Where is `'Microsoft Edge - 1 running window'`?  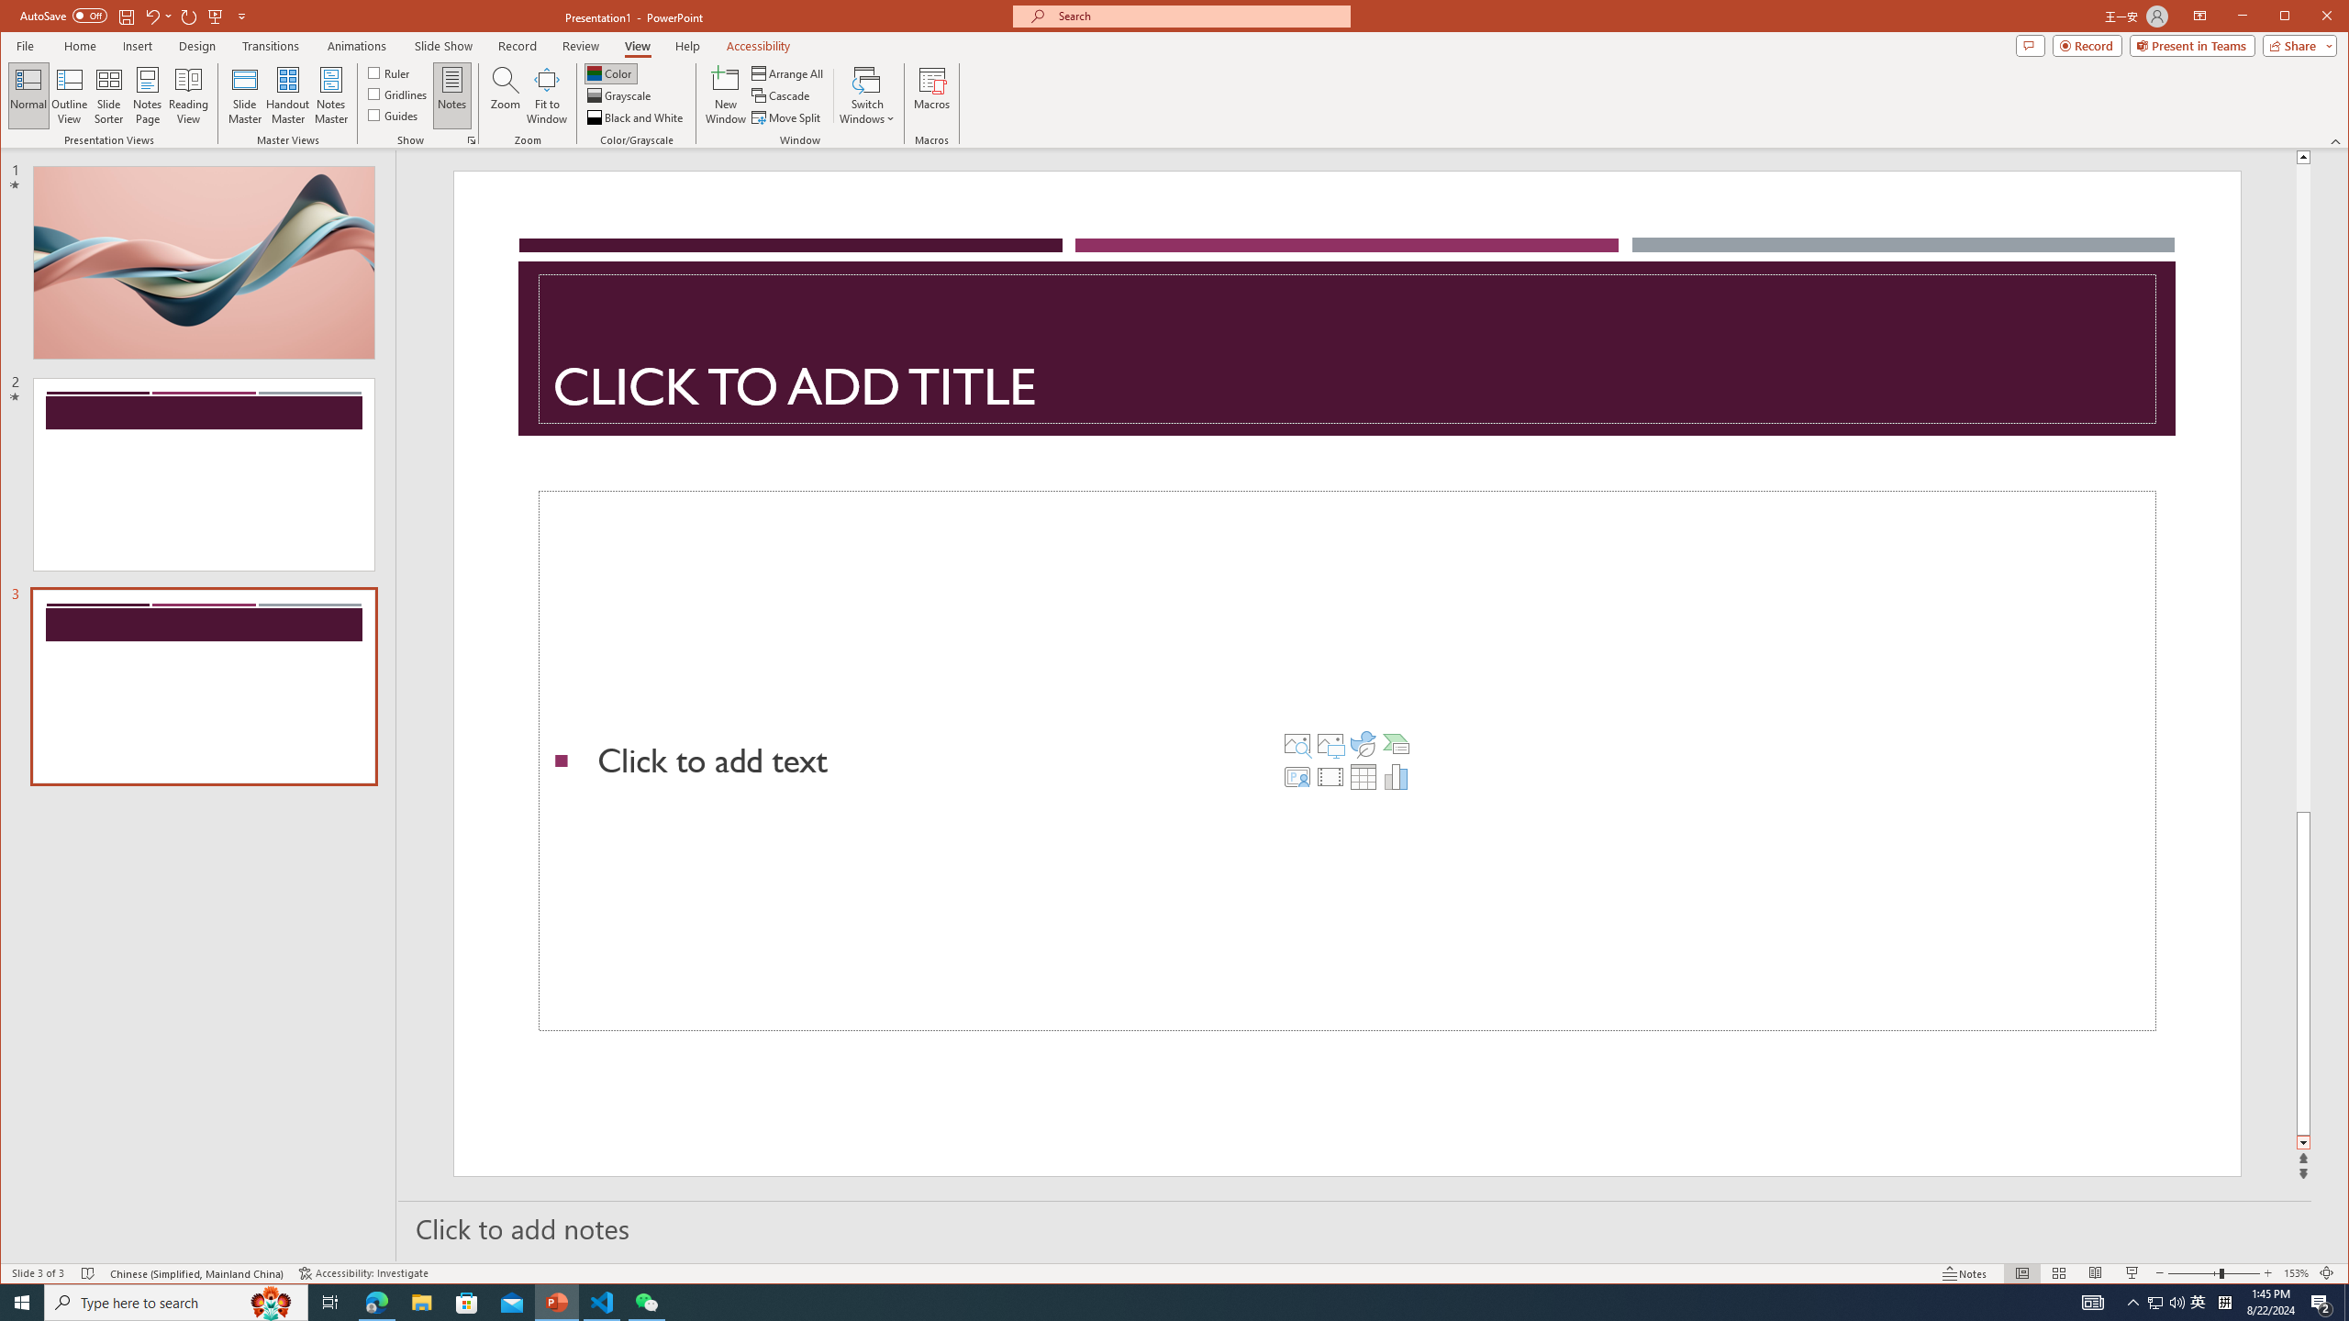
'Microsoft Edge - 1 running window' is located at coordinates (375, 1301).